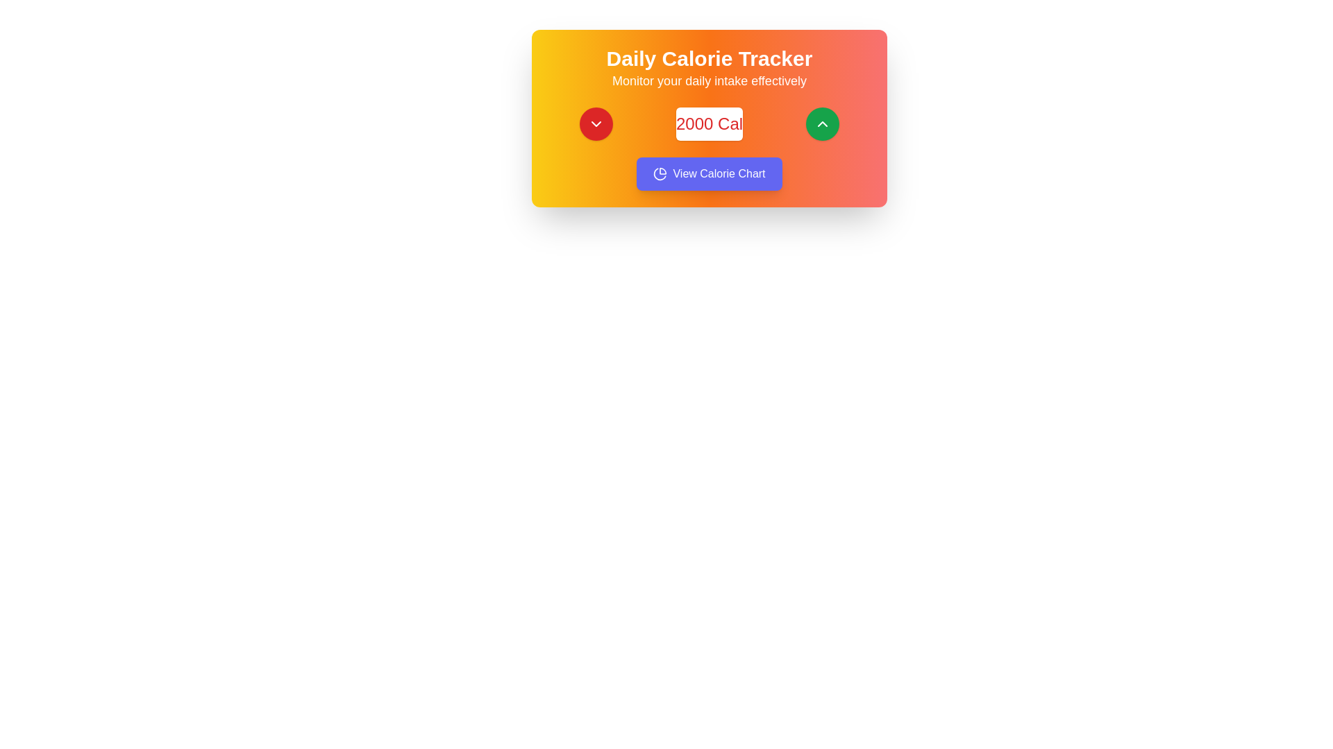  I want to click on the circular red button with a white downward-facing chevron icon, so click(596, 123).